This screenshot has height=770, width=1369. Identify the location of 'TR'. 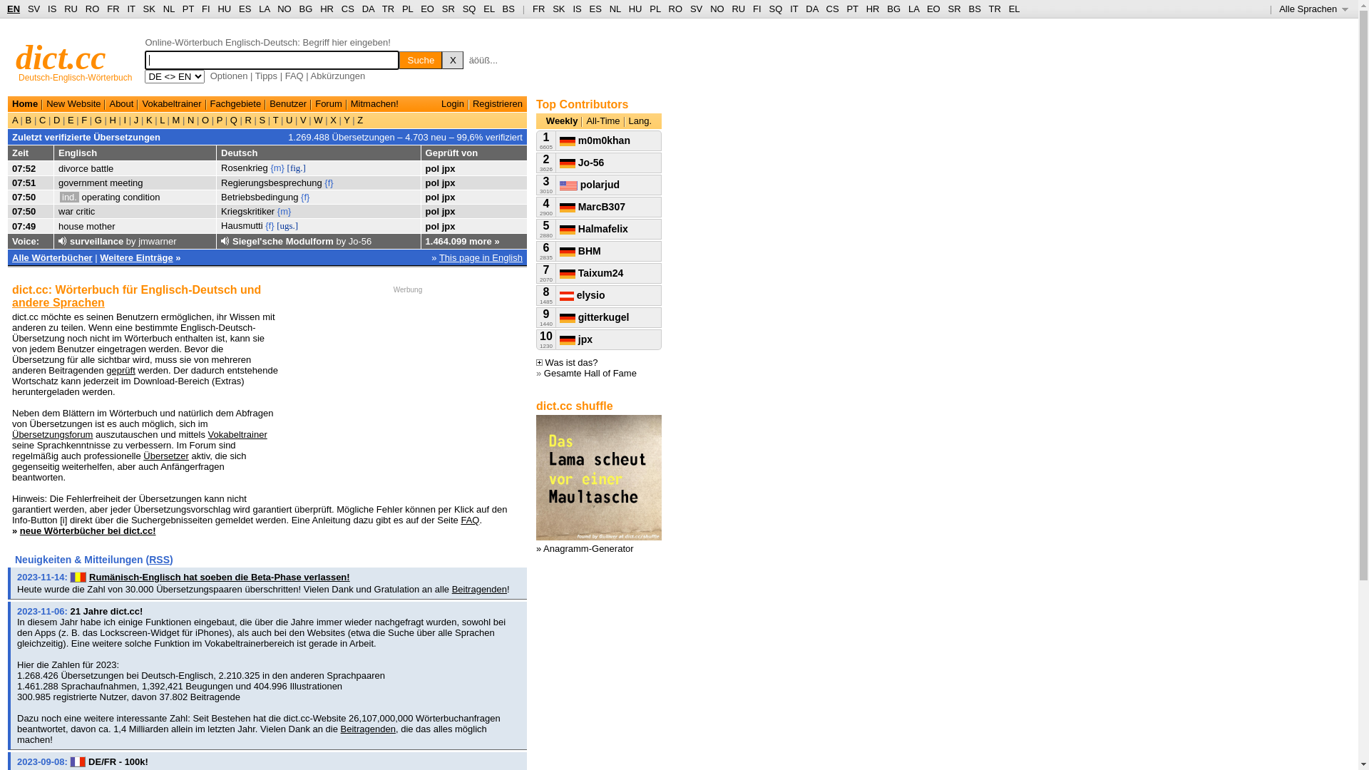
(388, 9).